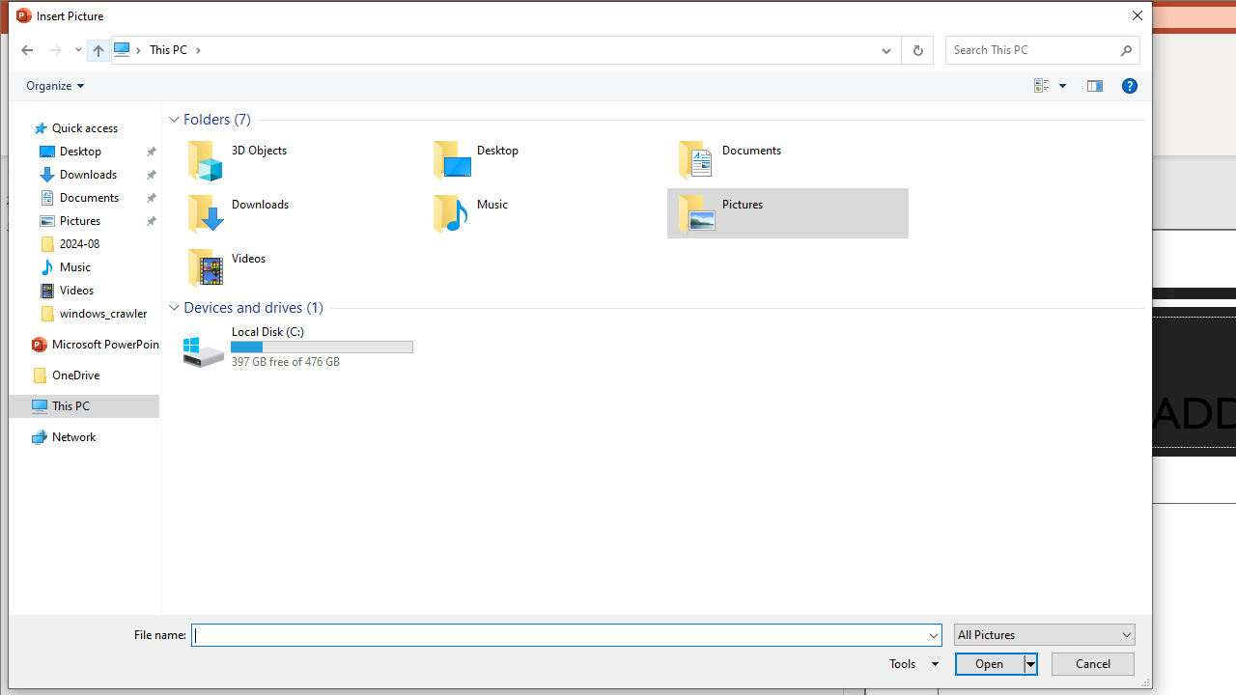 Image resolution: width=1236 pixels, height=695 pixels. What do you see at coordinates (322, 362) in the screenshot?
I see `'Available space'` at bounding box center [322, 362].